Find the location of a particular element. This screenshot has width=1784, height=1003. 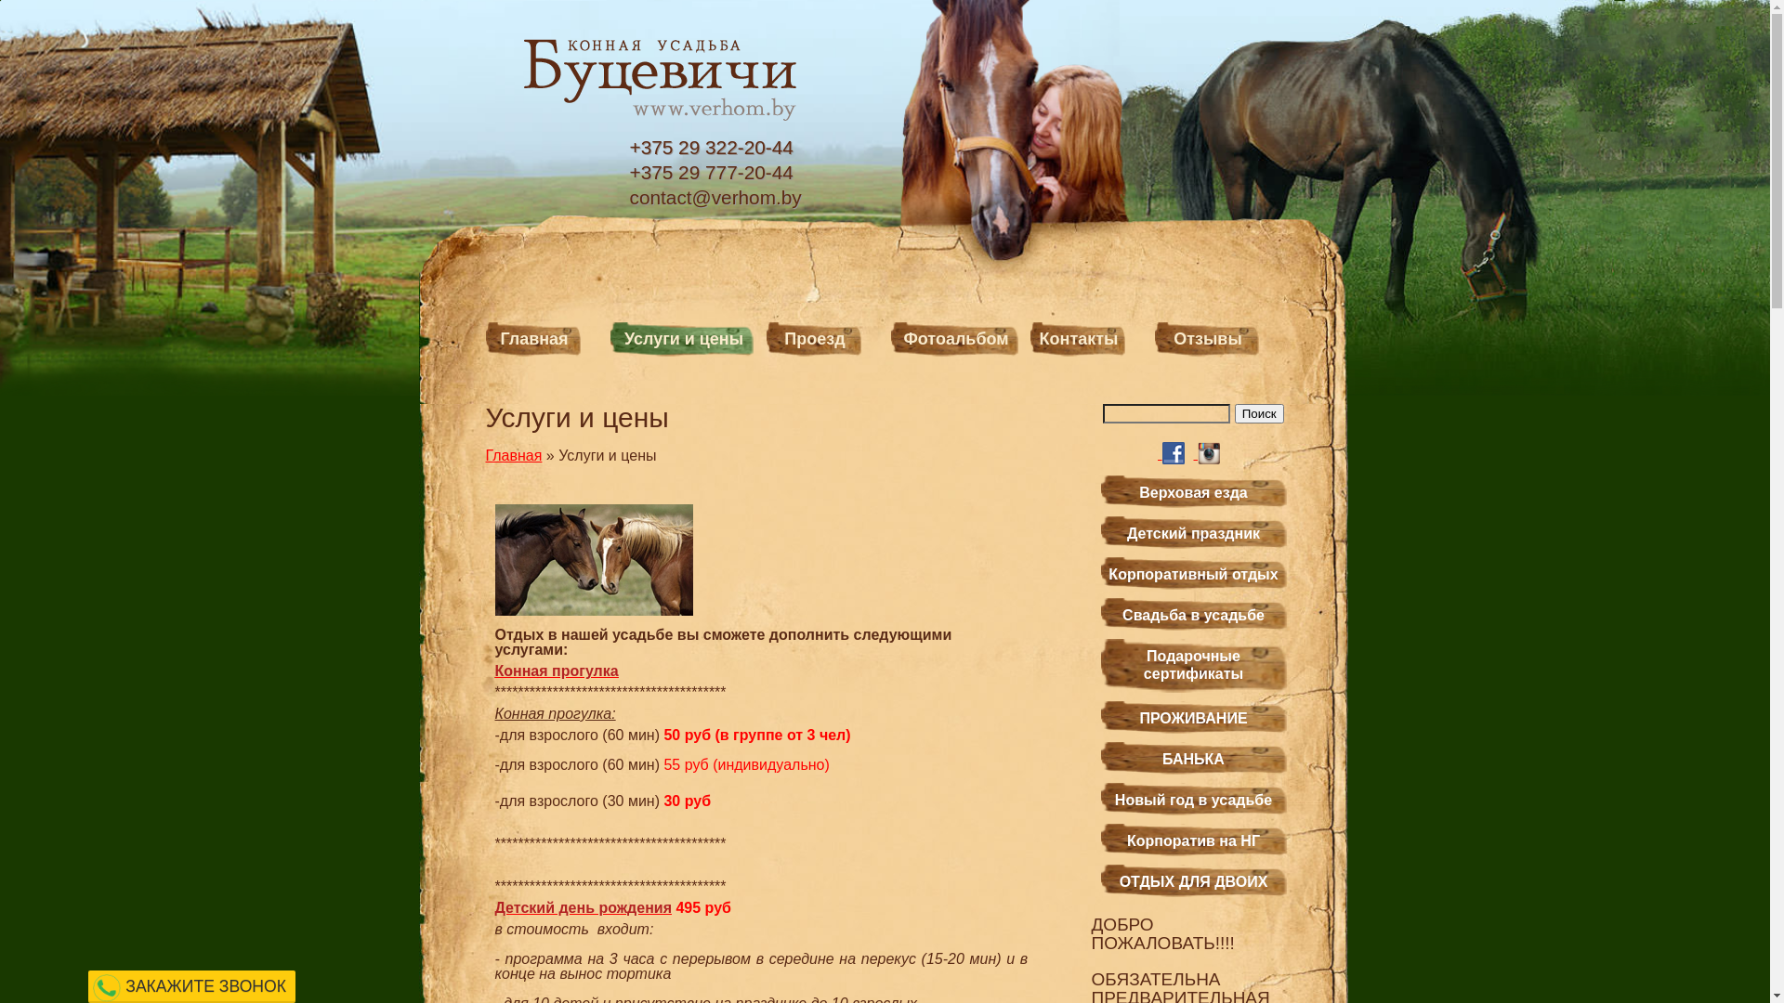

'contact@verhom.by' is located at coordinates (715, 197).